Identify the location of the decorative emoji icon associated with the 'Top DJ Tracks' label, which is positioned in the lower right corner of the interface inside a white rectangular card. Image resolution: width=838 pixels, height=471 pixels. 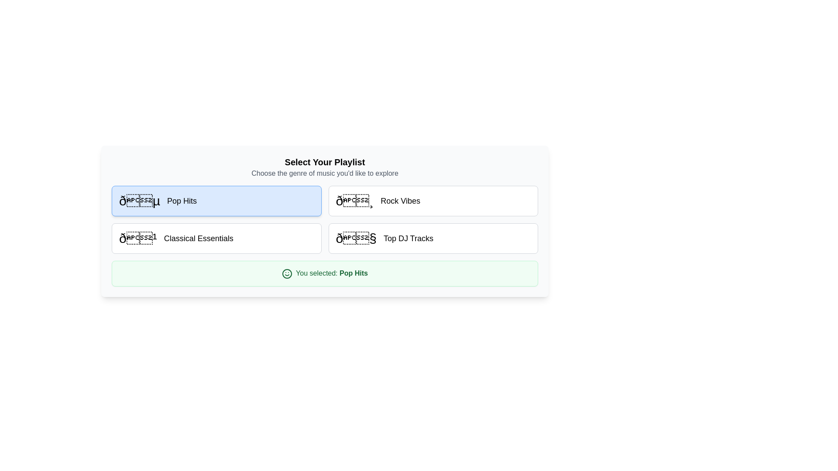
(356, 239).